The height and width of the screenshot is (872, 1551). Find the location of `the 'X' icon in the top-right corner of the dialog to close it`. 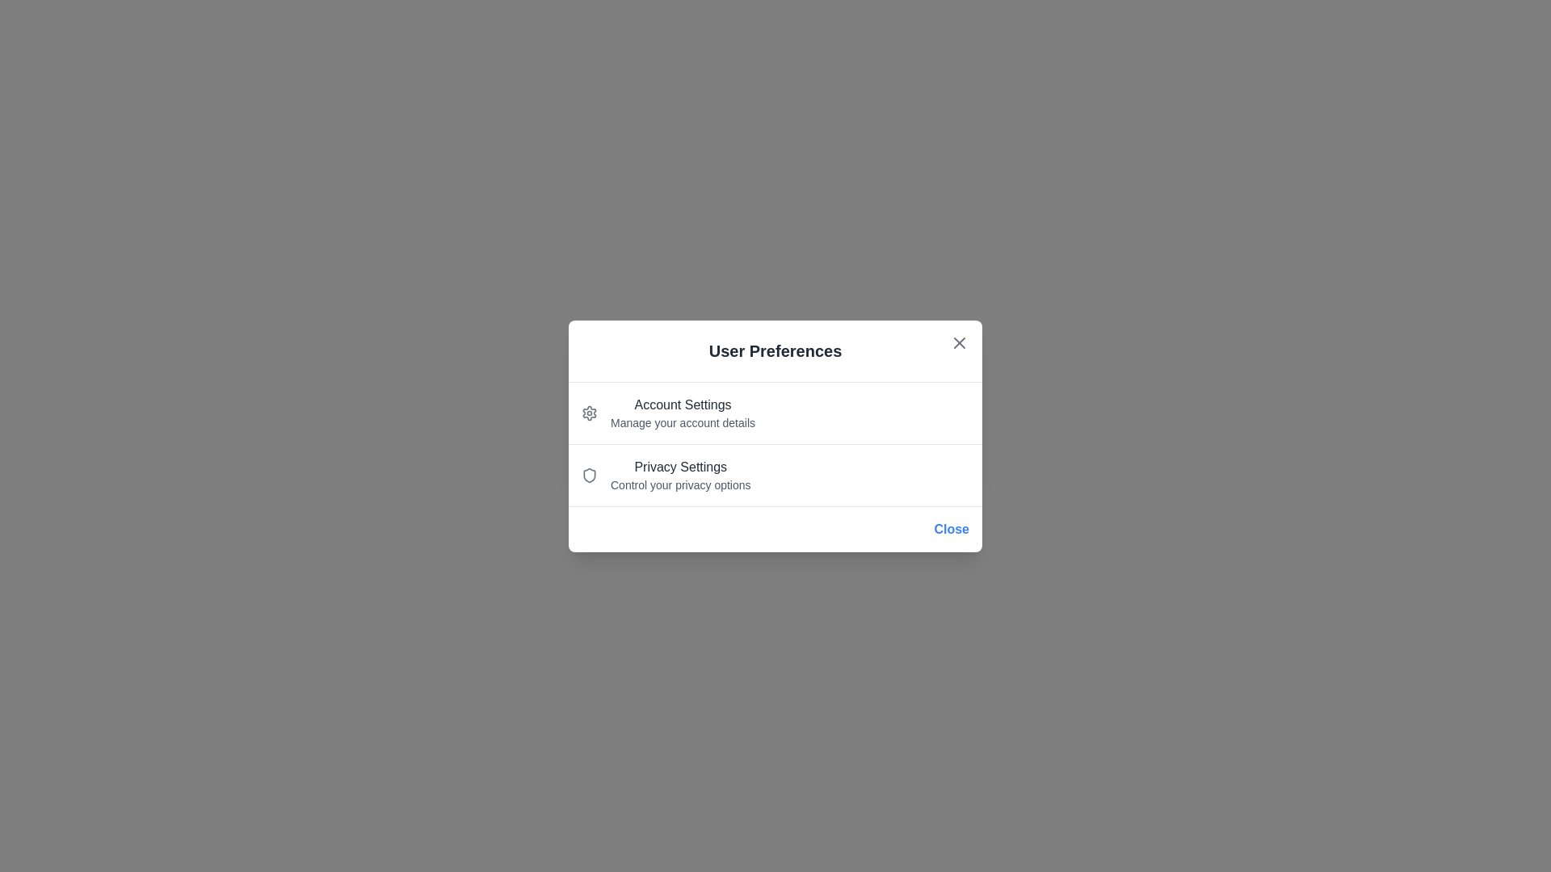

the 'X' icon in the top-right corner of the dialog to close it is located at coordinates (960, 342).